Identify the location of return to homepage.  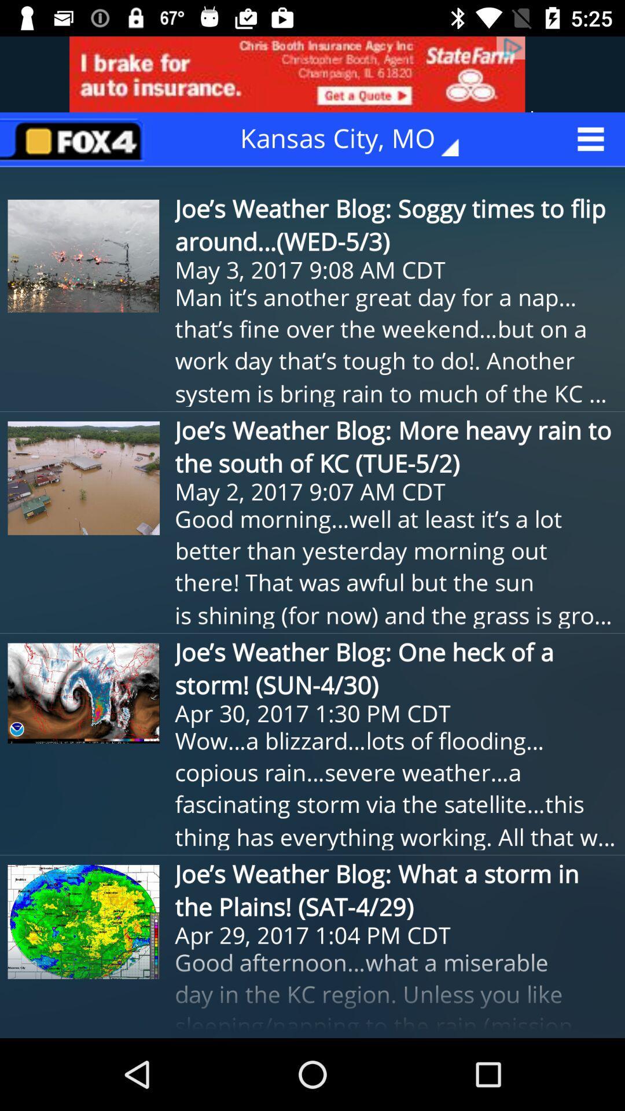
(76, 139).